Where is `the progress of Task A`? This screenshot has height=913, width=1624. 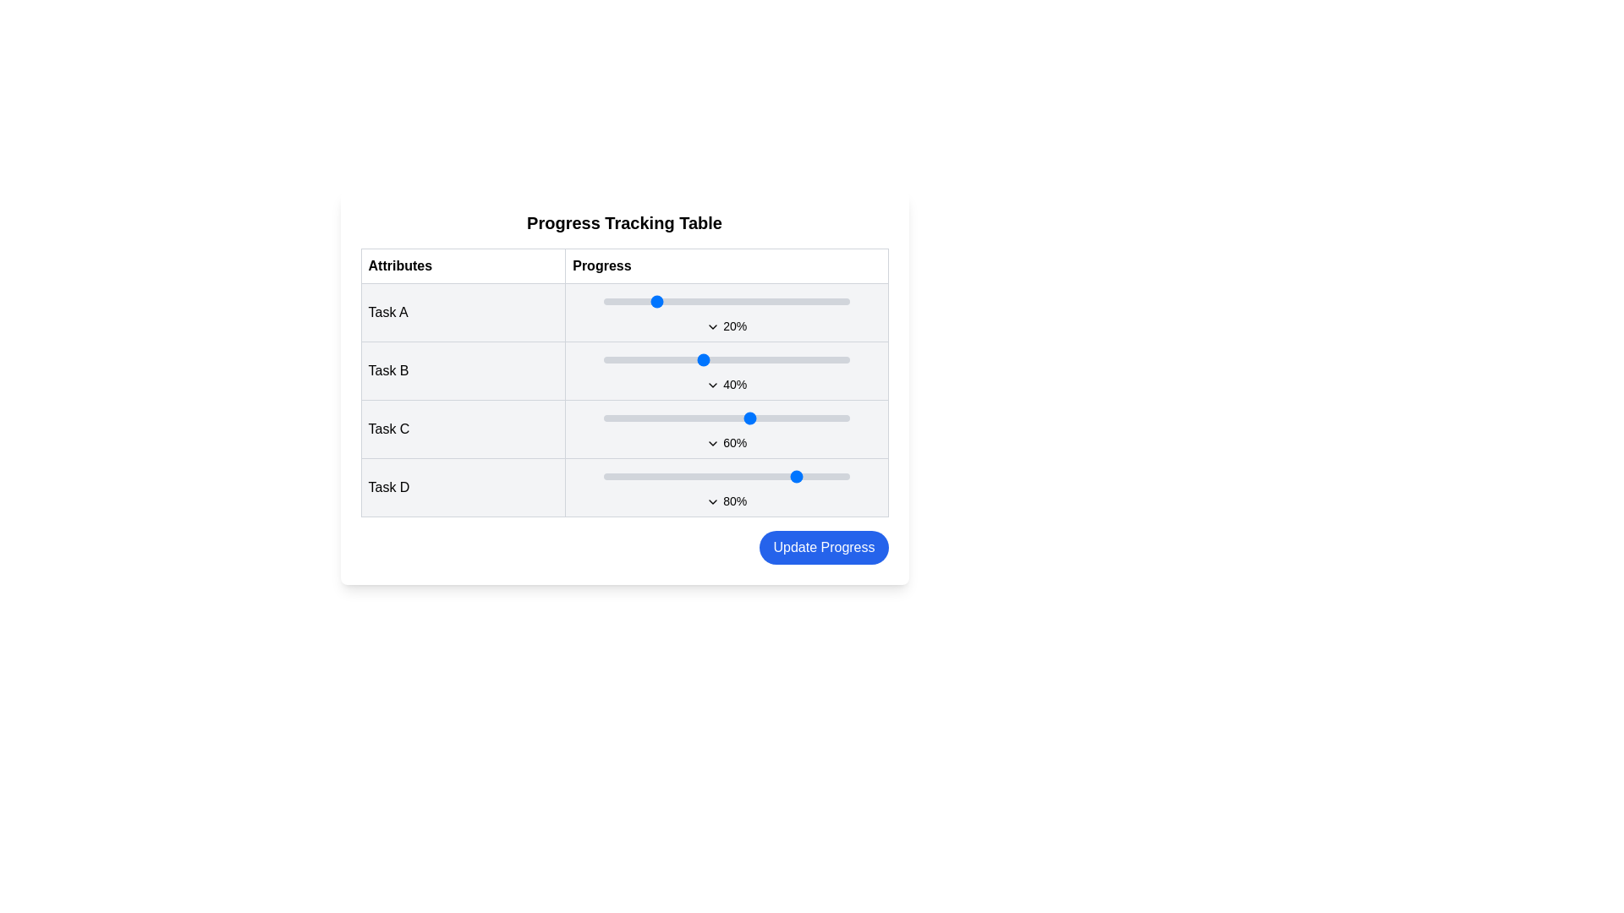 the progress of Task A is located at coordinates (782, 301).